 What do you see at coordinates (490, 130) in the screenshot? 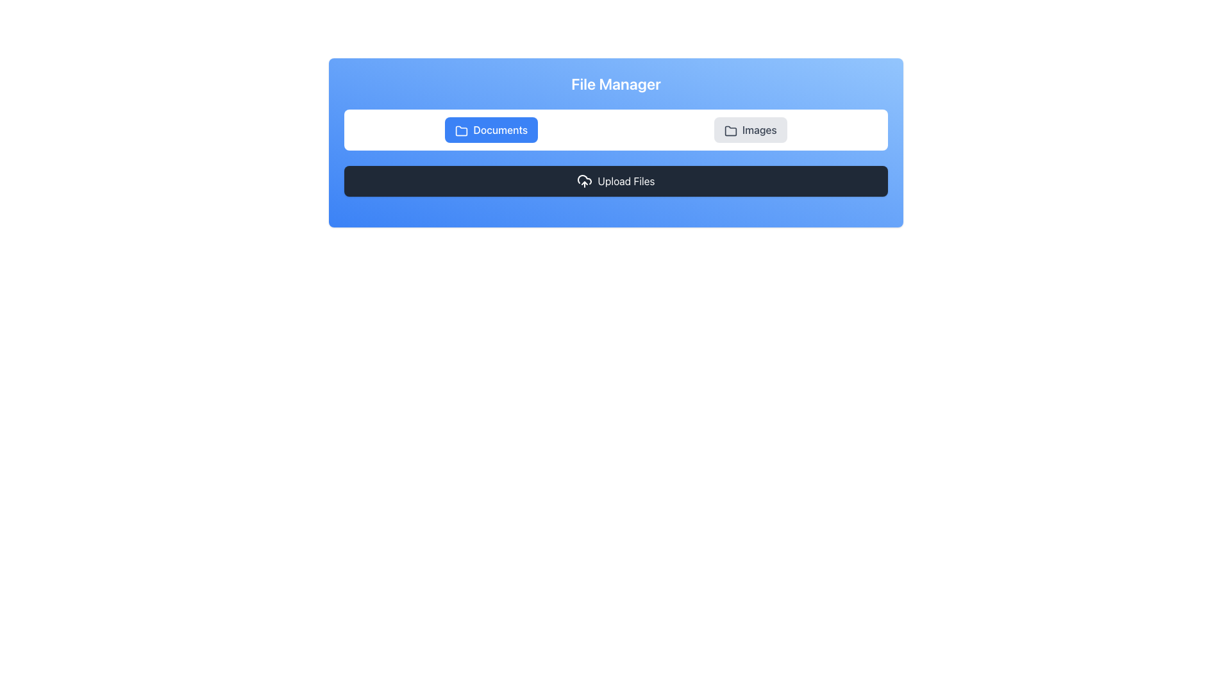
I see `the blue 'Documents' button, which features white text and a folder icon` at bounding box center [490, 130].